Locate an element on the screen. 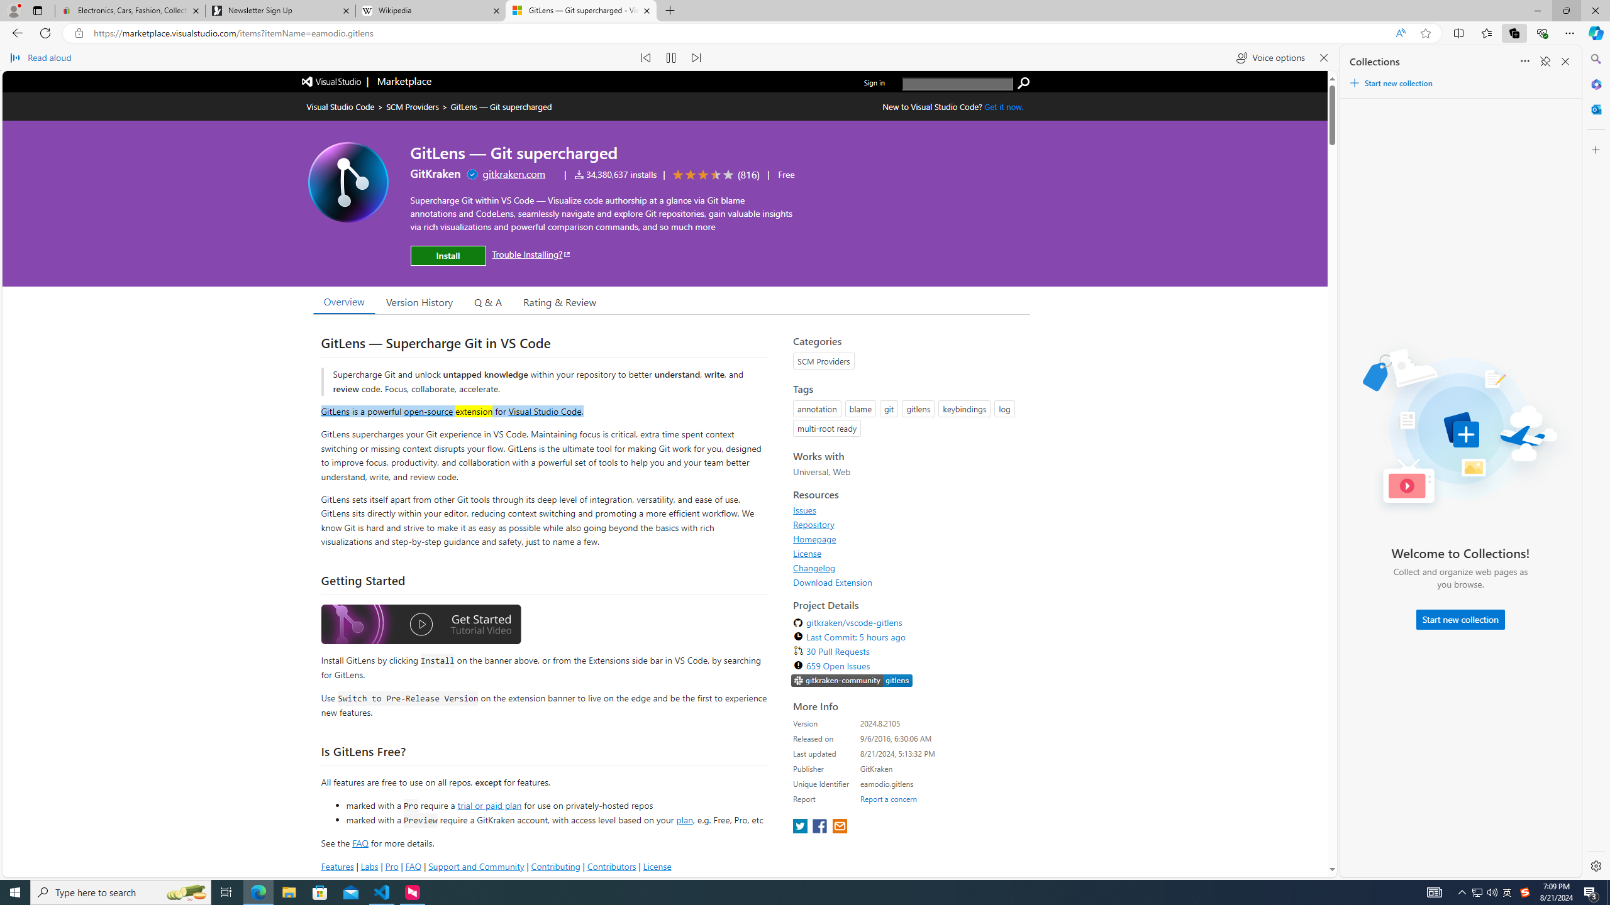 Image resolution: width=1610 pixels, height=905 pixels. 'FAQ' is located at coordinates (413, 866).